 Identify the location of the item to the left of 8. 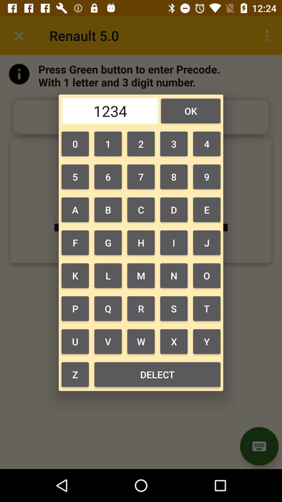
(141, 210).